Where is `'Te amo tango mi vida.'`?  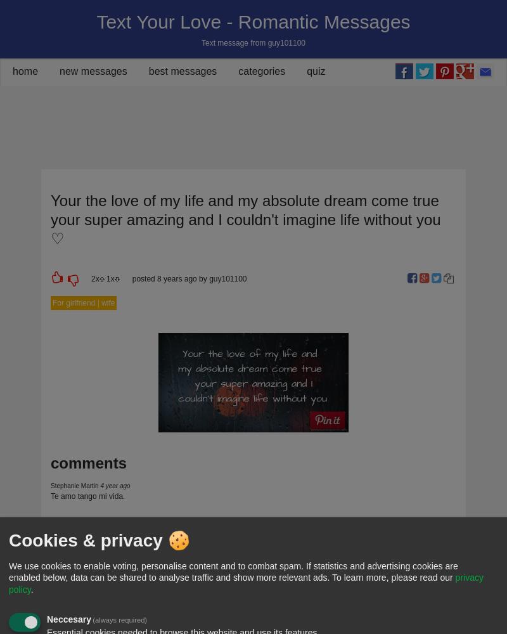
'Te amo tango mi vida.' is located at coordinates (51, 496).